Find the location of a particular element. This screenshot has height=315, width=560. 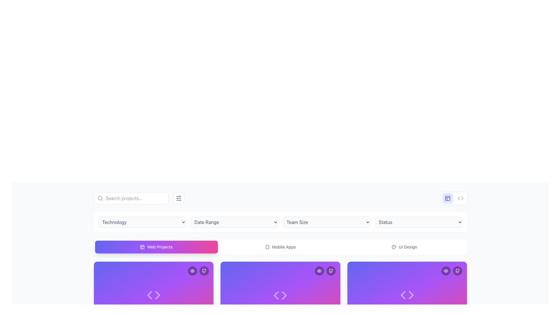

the eye-shaped icon button located at the top-right corner of the card element is located at coordinates (192, 271).